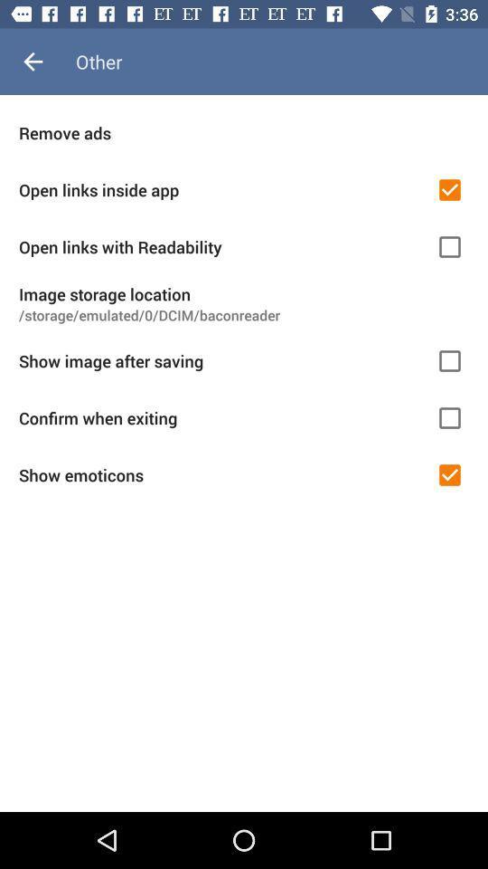 Image resolution: width=488 pixels, height=869 pixels. What do you see at coordinates (244, 131) in the screenshot?
I see `the remove ads` at bounding box center [244, 131].